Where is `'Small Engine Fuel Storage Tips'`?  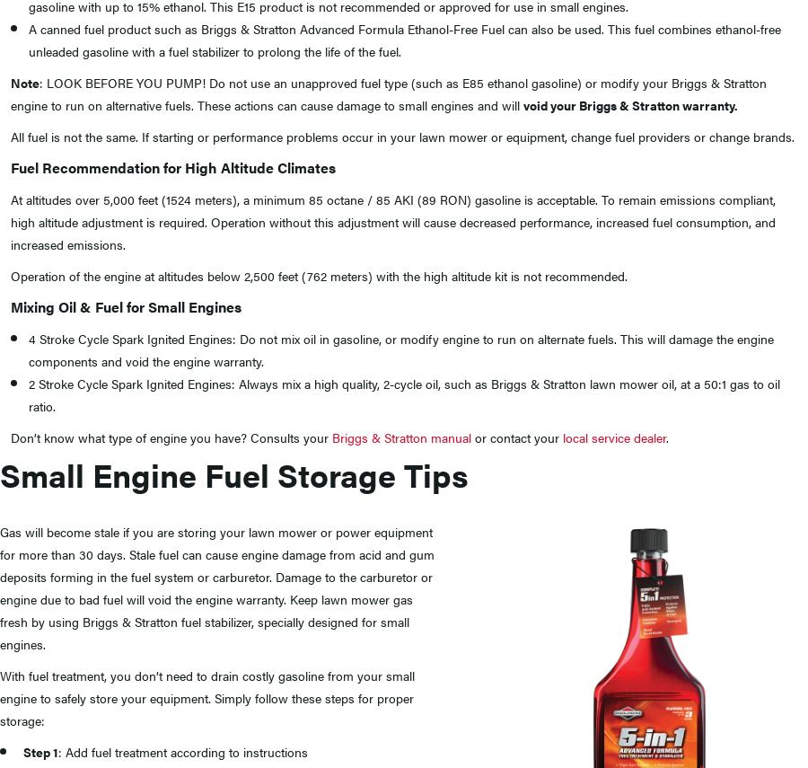 'Small Engine Fuel Storage Tips' is located at coordinates (233, 473).